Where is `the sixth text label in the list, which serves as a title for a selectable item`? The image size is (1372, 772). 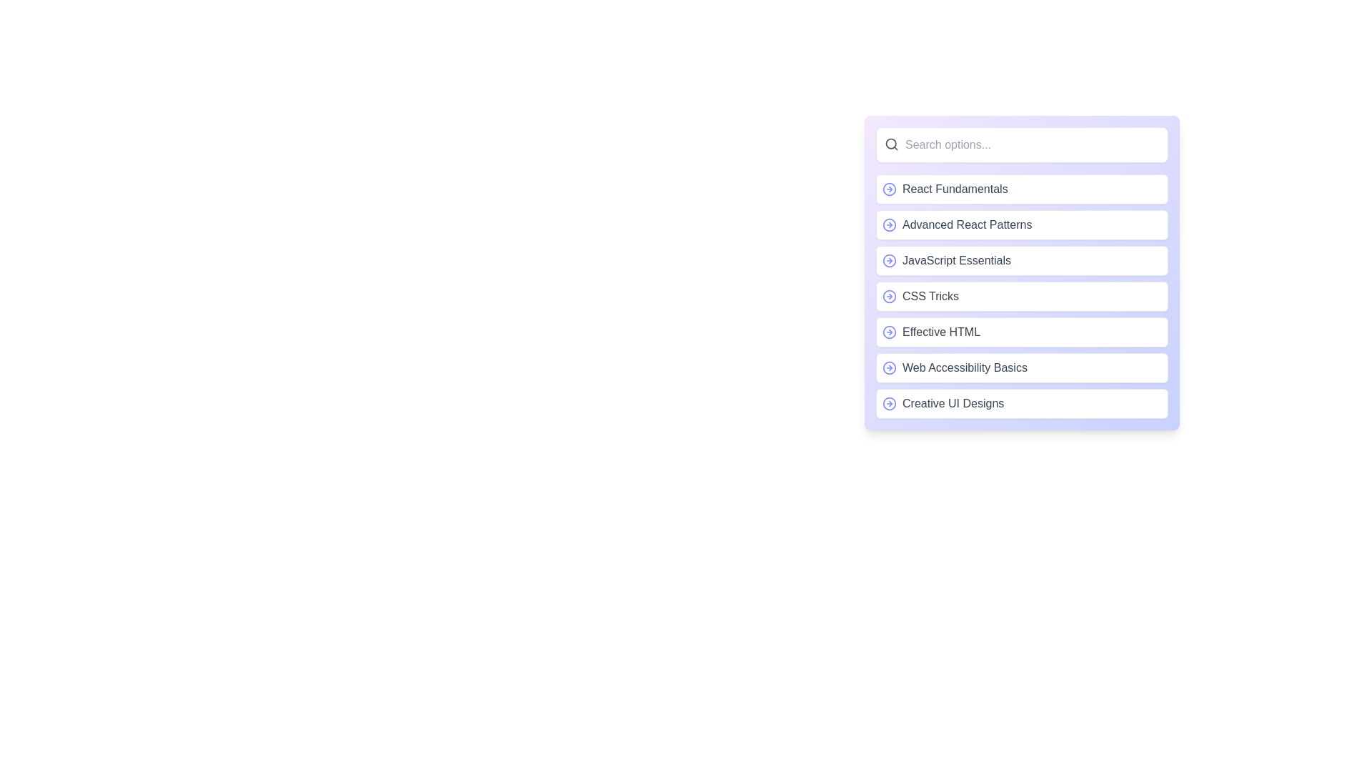
the sixth text label in the list, which serves as a title for a selectable item is located at coordinates (965, 367).